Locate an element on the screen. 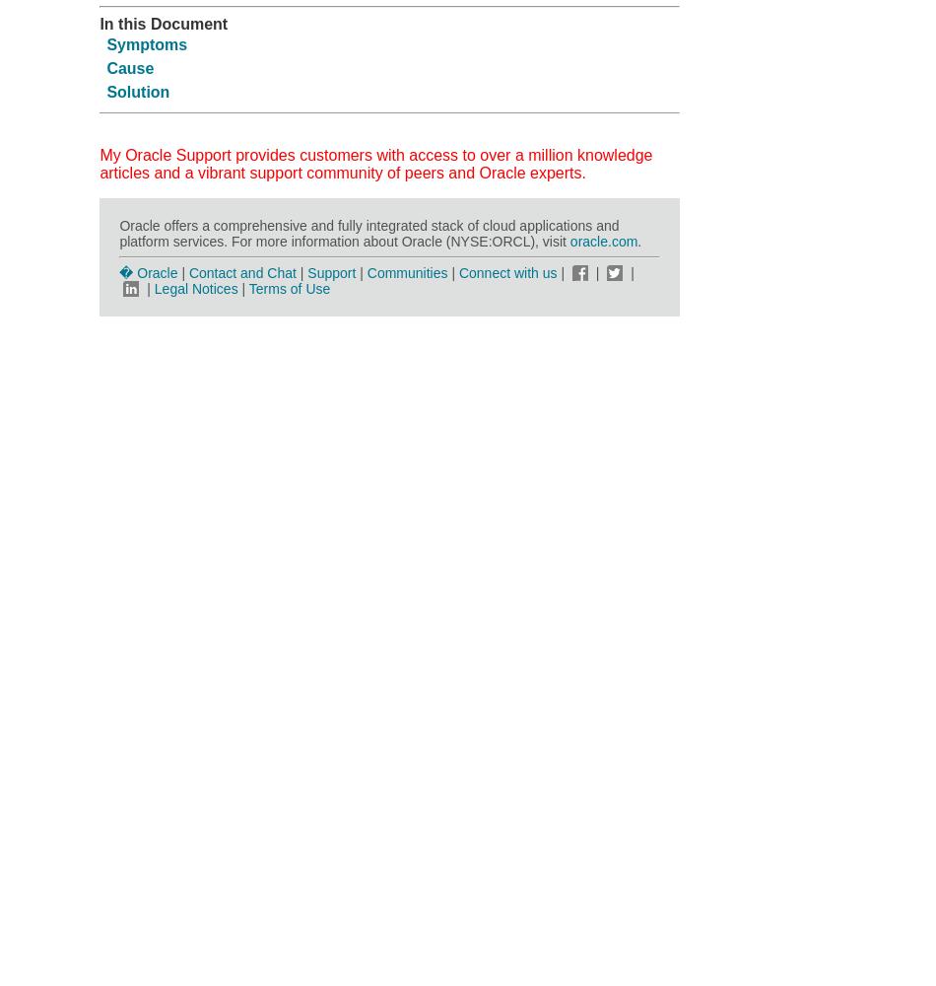  '� Oracle' is located at coordinates (148, 272).